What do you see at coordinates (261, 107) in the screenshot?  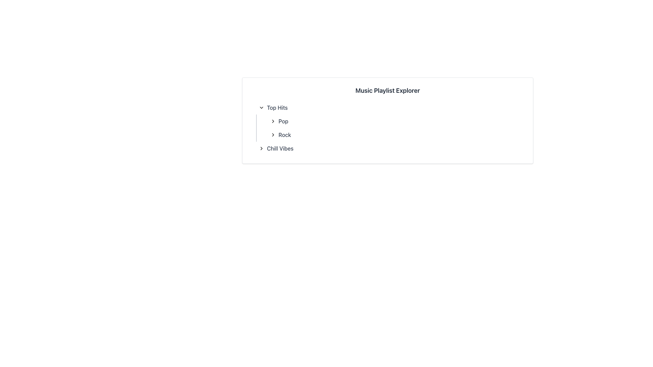 I see `the Dropdown Indicator (Chevron Icon) located to the left of the 'Top Hits' text in the Music Playlist Explorer interface` at bounding box center [261, 107].